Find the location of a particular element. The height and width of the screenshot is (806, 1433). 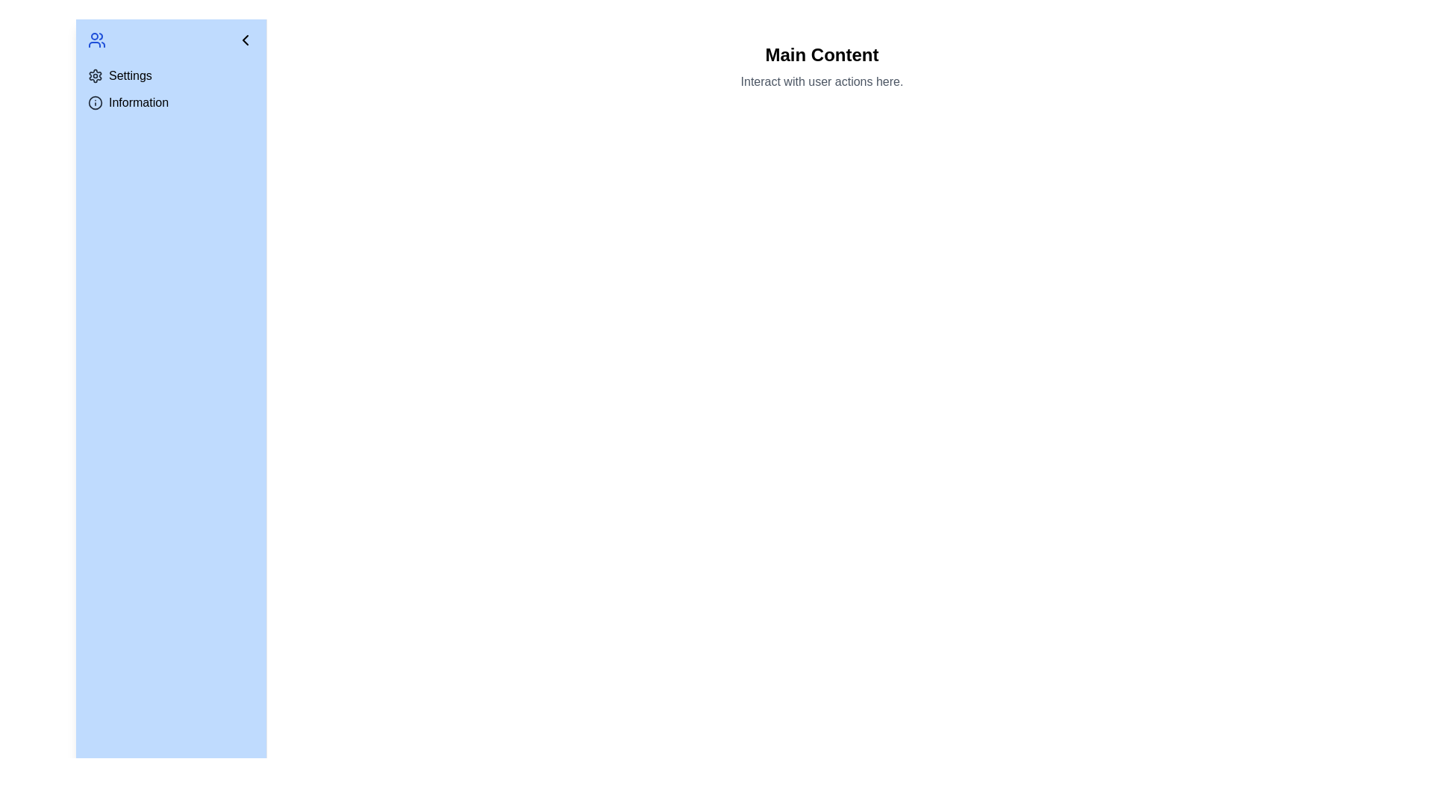

the circular outline of the SVG icon located next to the 'Information' label in the sidebar is located at coordinates (95, 102).